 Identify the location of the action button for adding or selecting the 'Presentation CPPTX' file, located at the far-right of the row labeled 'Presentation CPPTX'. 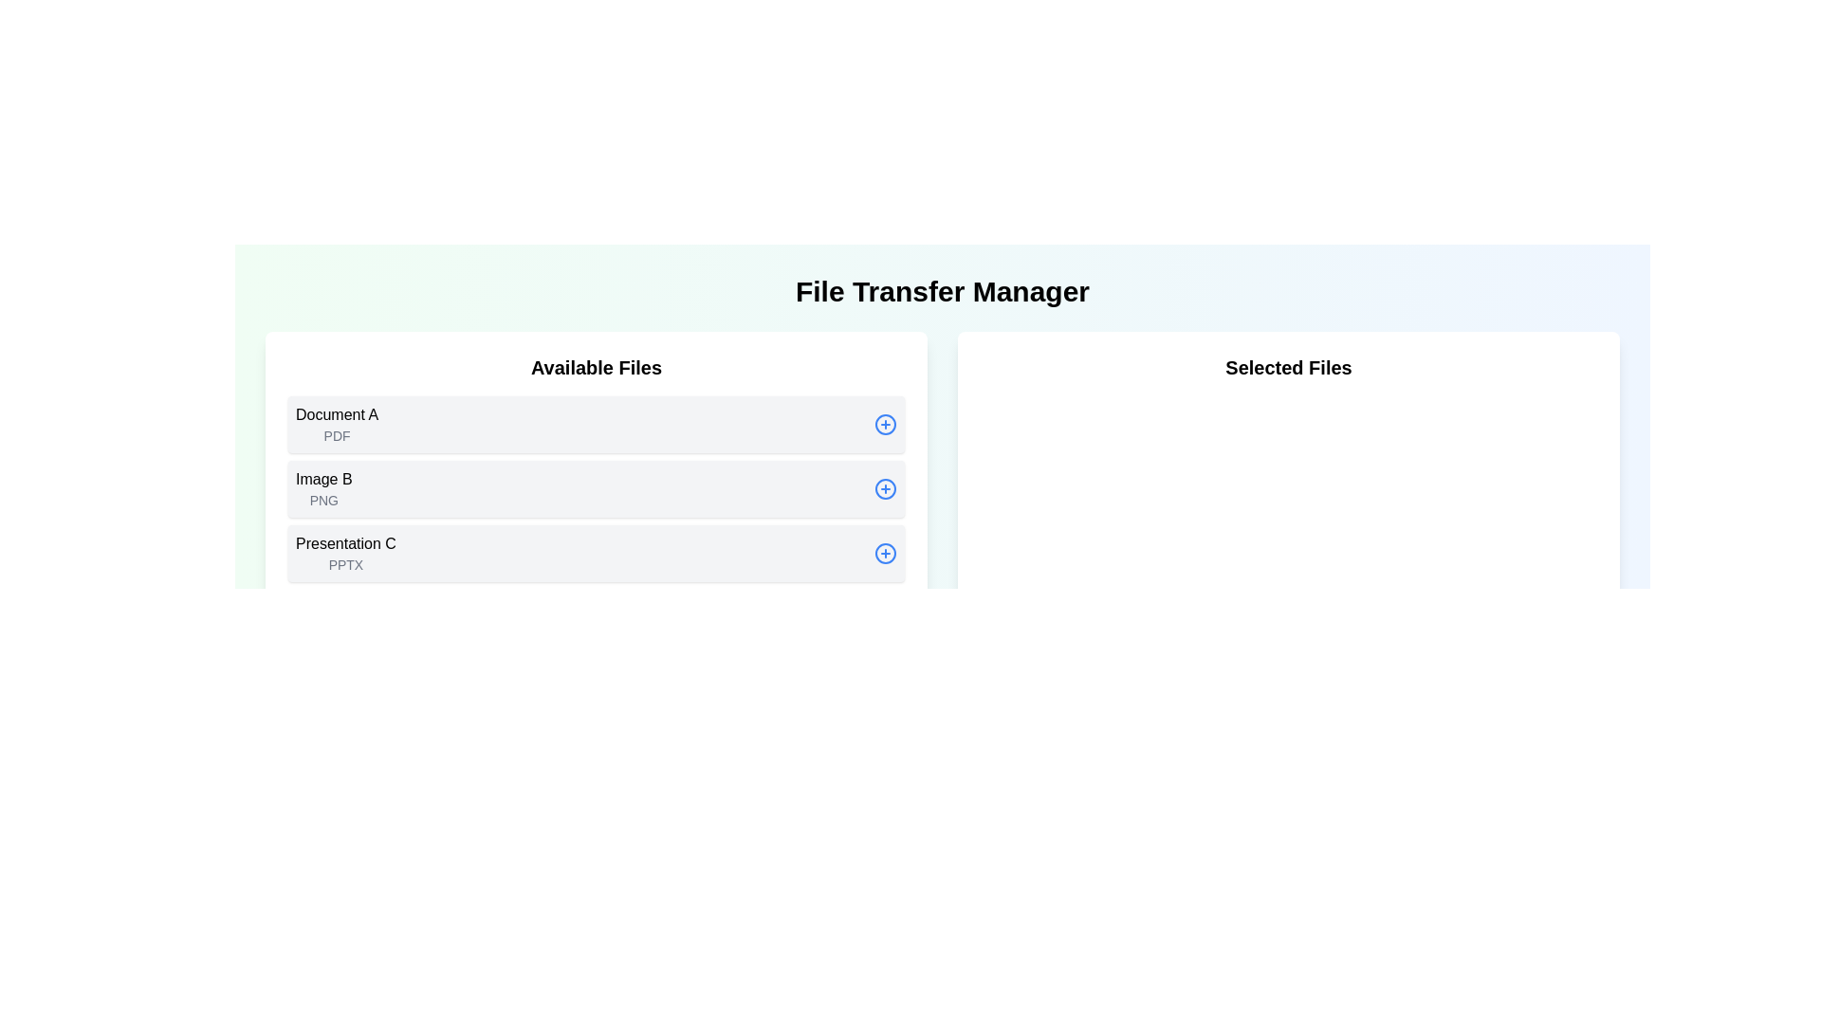
(885, 553).